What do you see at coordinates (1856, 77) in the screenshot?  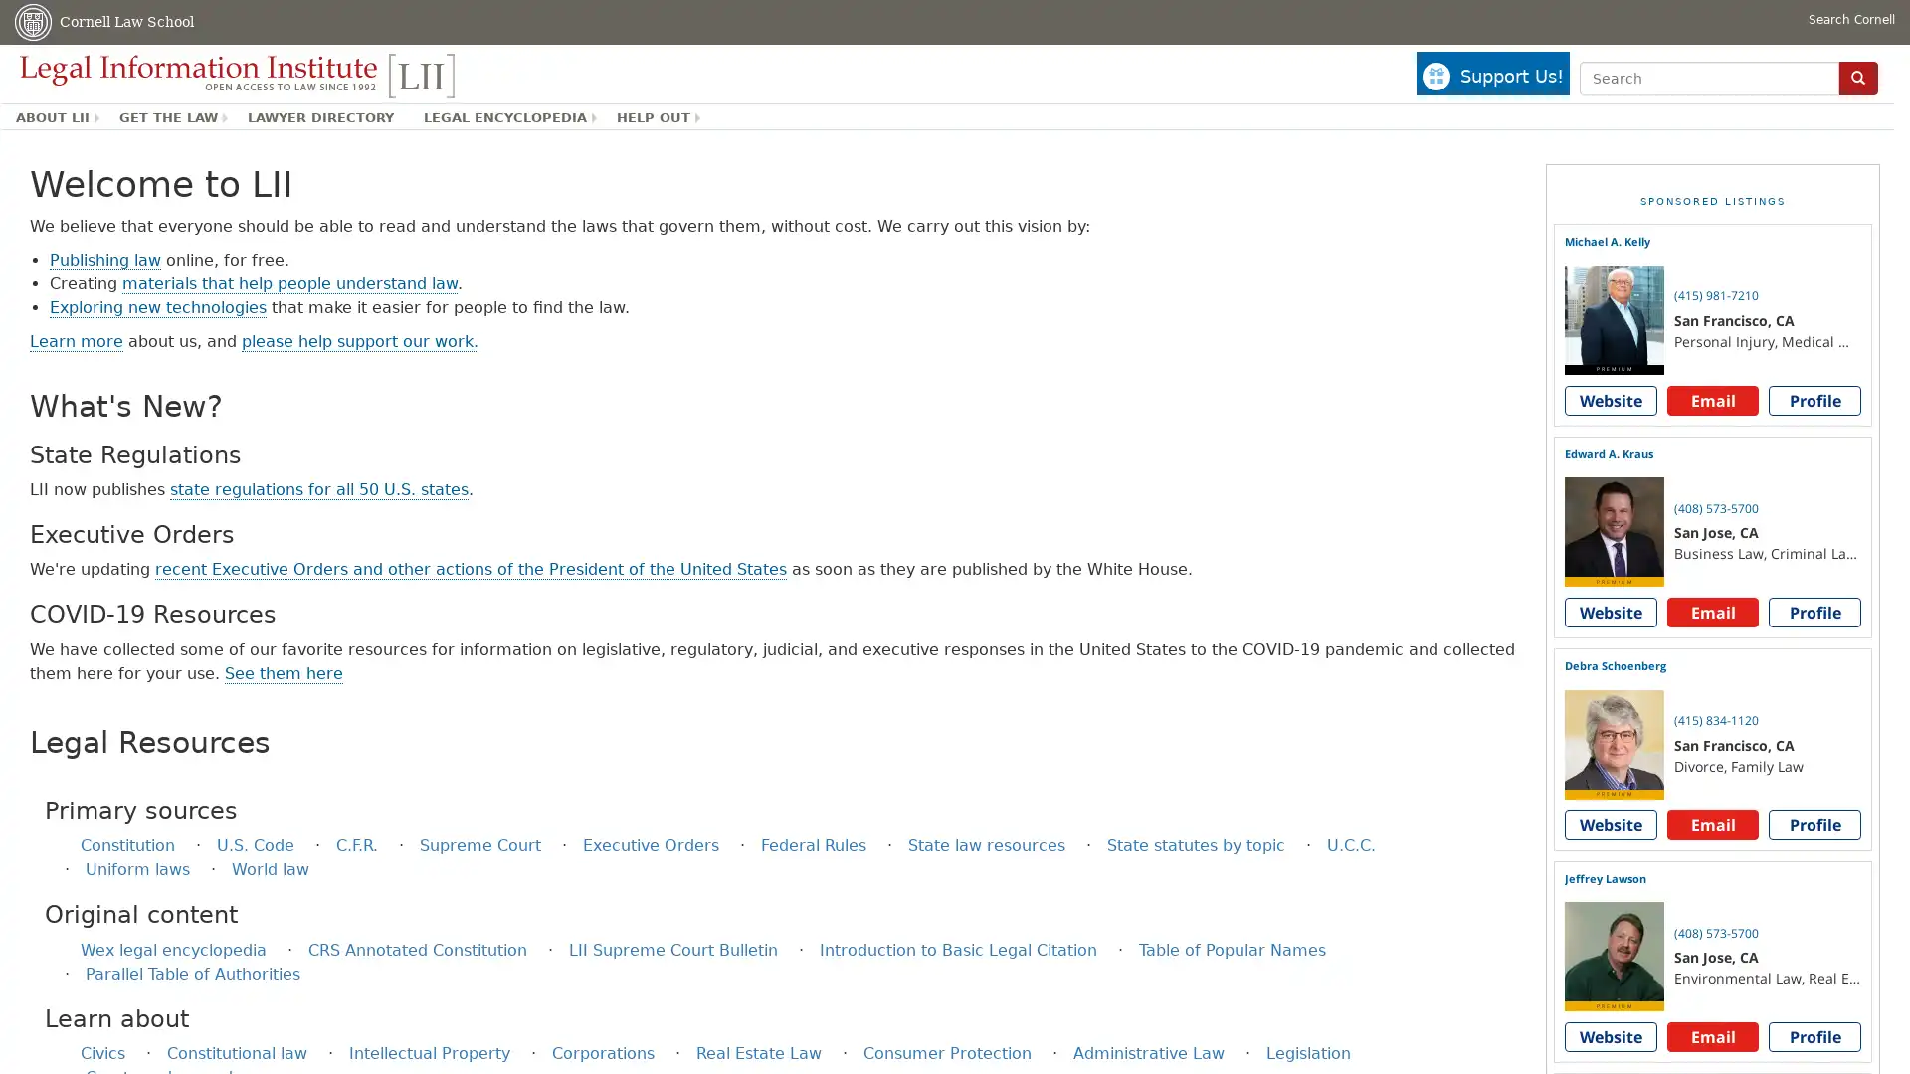 I see `Find now` at bounding box center [1856, 77].